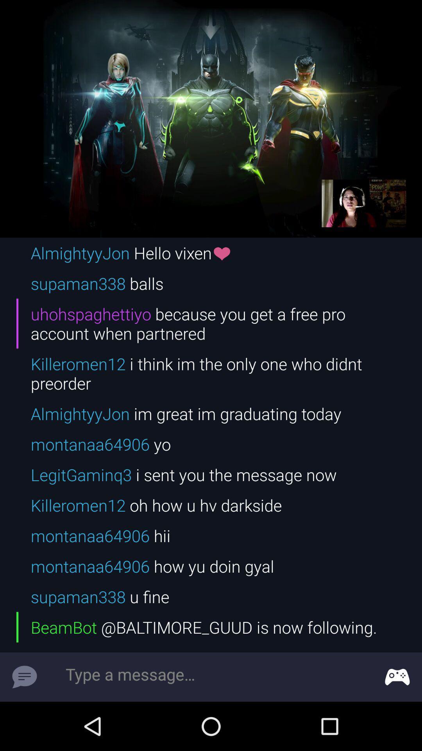 The image size is (422, 751). What do you see at coordinates (24, 677) in the screenshot?
I see `the chat icon` at bounding box center [24, 677].